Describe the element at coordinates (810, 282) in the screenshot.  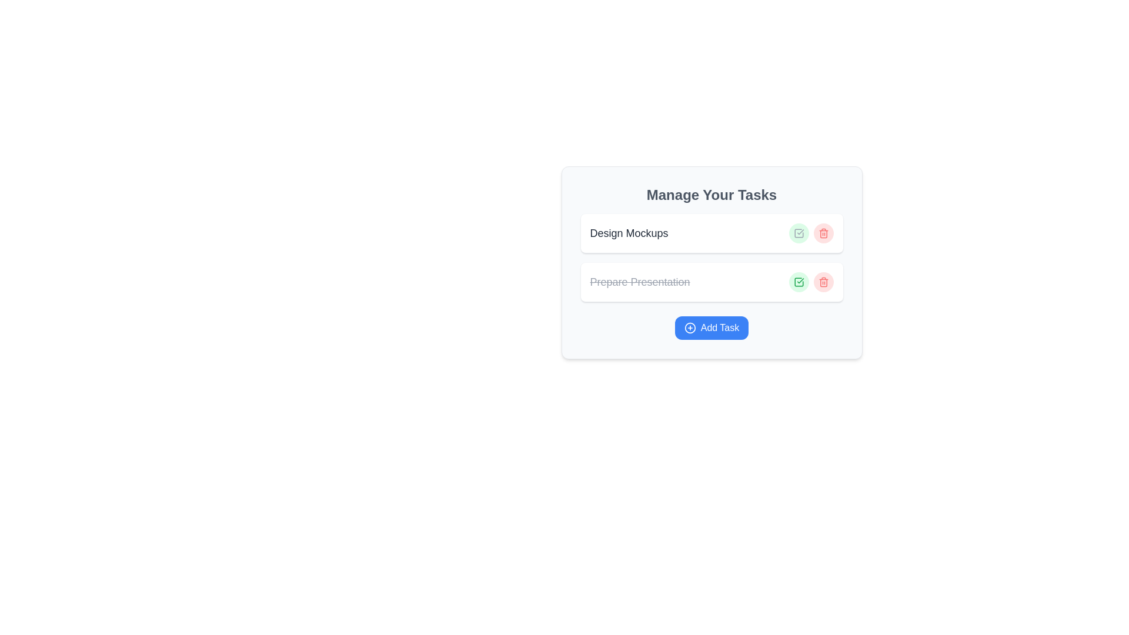
I see `the icon group containing a green checkmark and a red trash bin for tooltips` at that location.